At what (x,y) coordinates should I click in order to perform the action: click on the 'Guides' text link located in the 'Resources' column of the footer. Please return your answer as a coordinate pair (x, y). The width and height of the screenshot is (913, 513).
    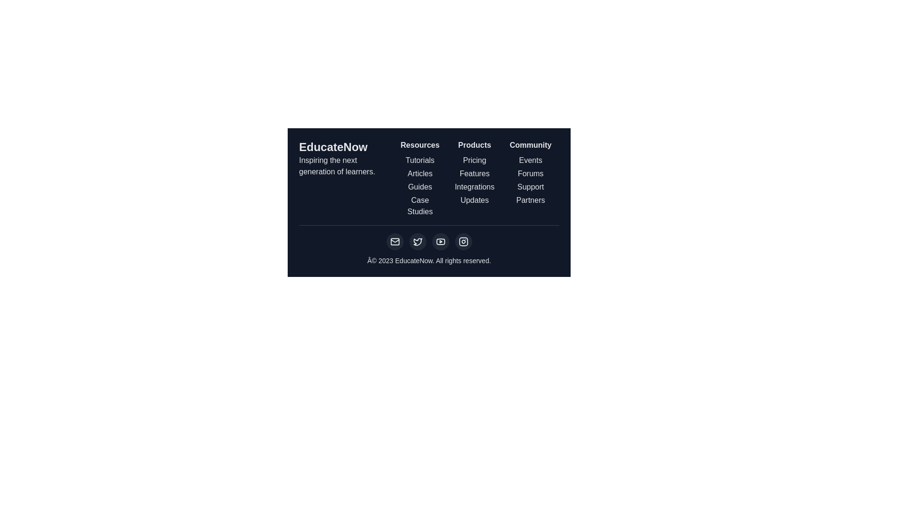
    Looking at the image, I should click on (419, 187).